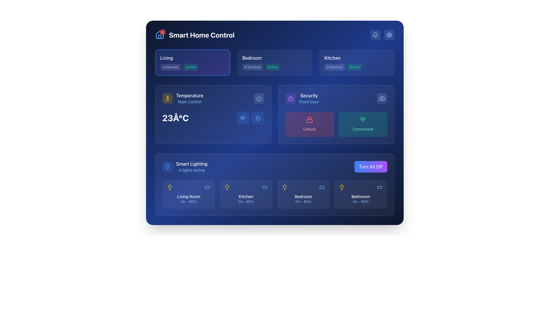 The image size is (552, 310). I want to click on or inspect the notifications represented by the red circular badge on the blue house icon located near the top left corner of the interface, so click(160, 35).